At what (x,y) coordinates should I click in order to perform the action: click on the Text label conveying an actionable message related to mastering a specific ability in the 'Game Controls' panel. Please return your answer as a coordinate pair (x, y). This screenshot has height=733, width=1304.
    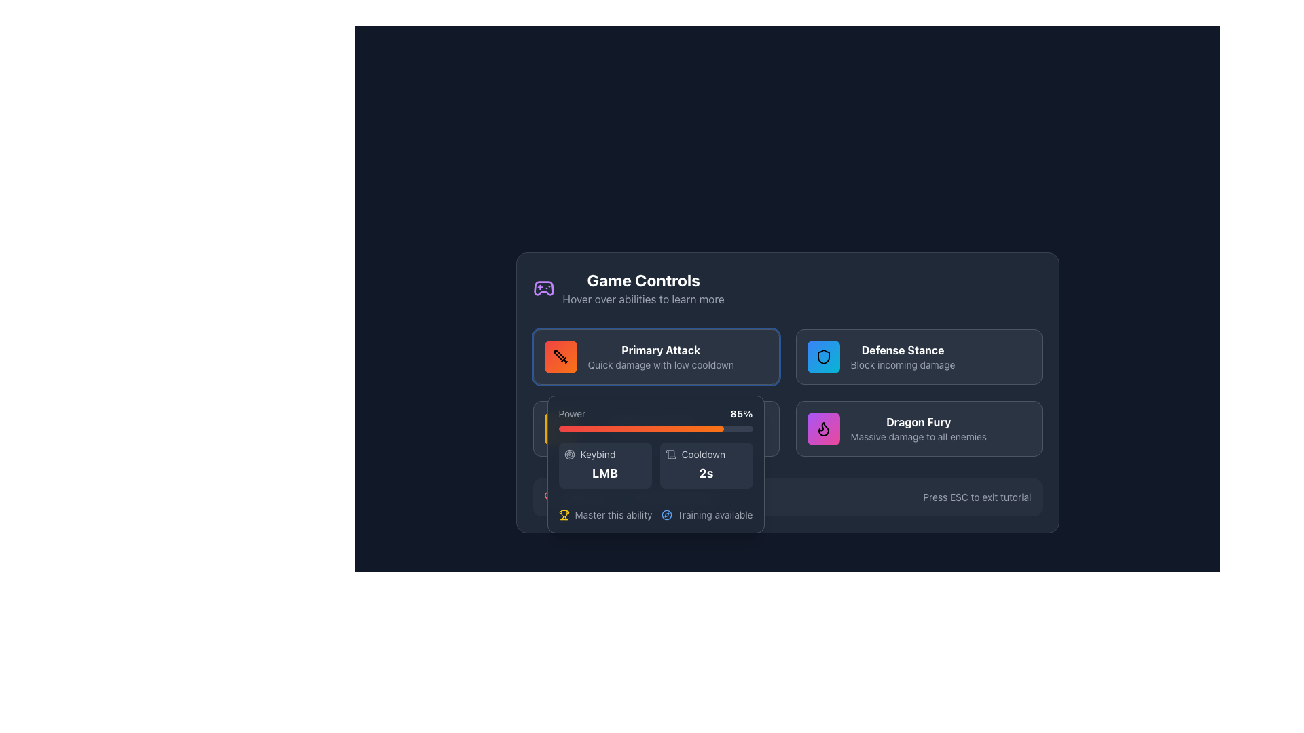
    Looking at the image, I should click on (613, 515).